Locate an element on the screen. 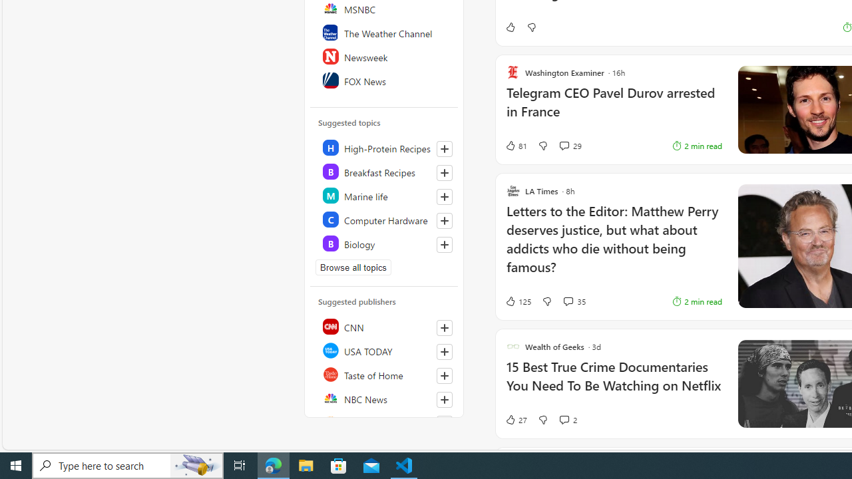 The height and width of the screenshot is (479, 852). 'View comments 35 Comment' is located at coordinates (568, 301).